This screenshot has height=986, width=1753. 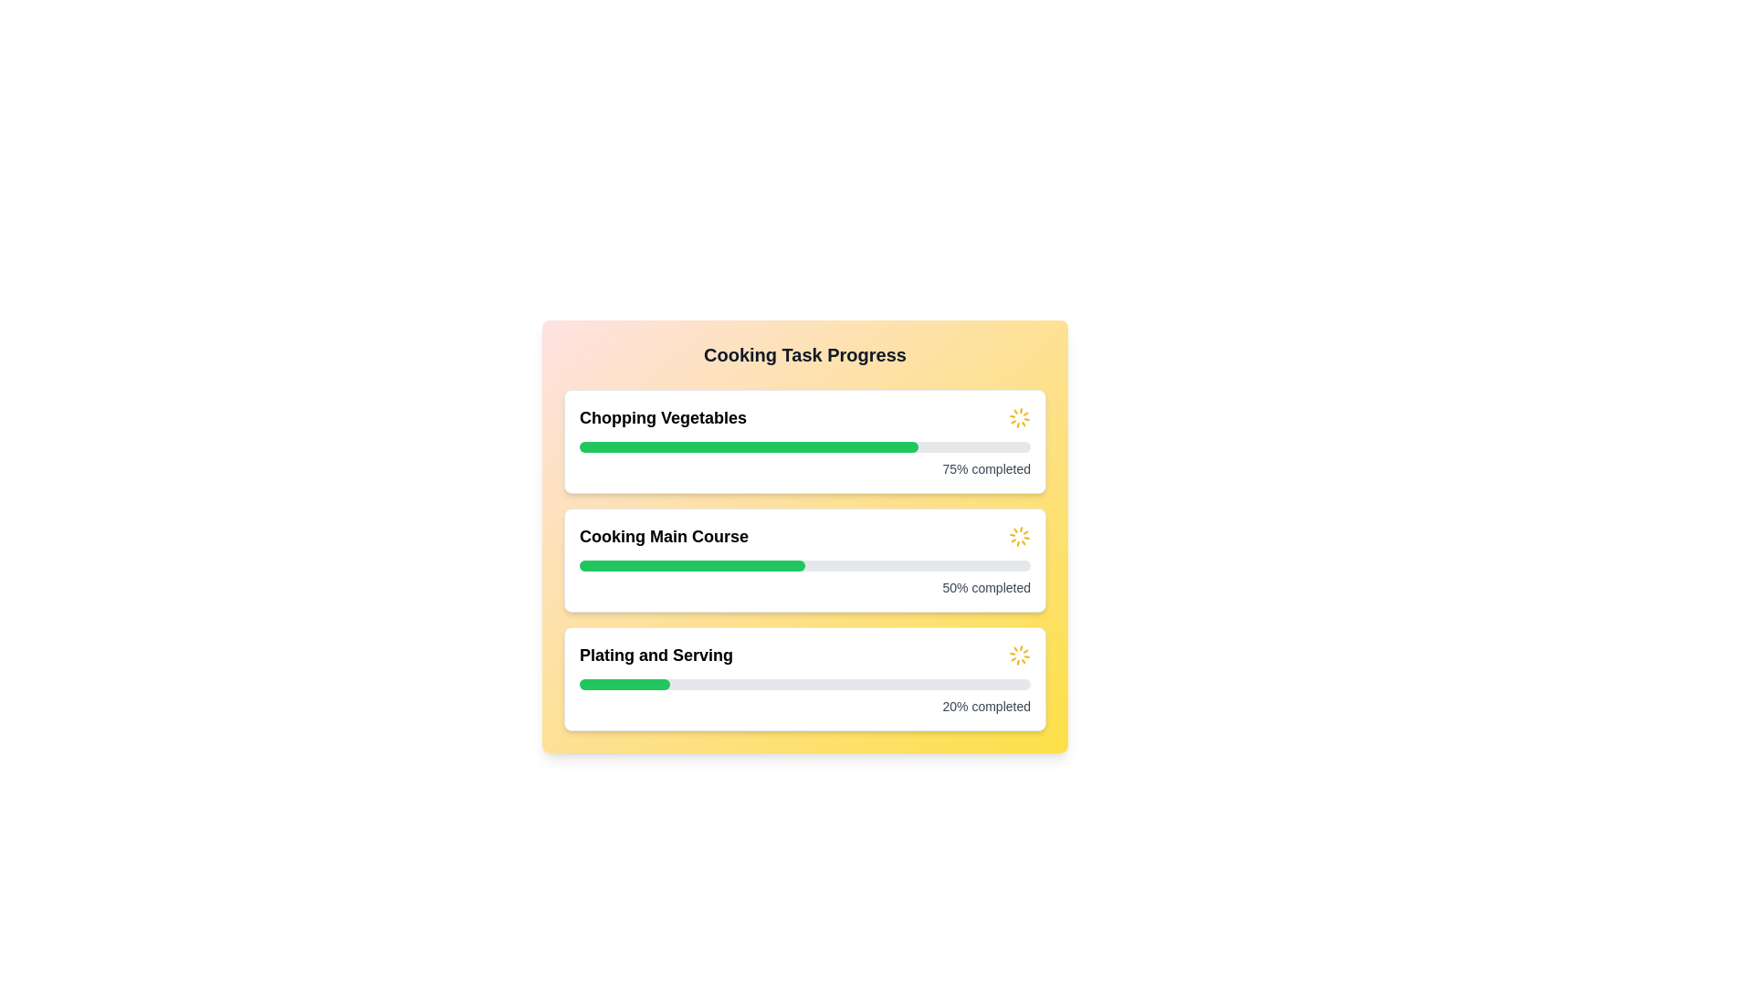 What do you see at coordinates (1019, 418) in the screenshot?
I see `the animated loading icon located in the upper-right corner of the 'Chopping Vegetables' task section, which serves as a visual indicator of ongoing activity` at bounding box center [1019, 418].